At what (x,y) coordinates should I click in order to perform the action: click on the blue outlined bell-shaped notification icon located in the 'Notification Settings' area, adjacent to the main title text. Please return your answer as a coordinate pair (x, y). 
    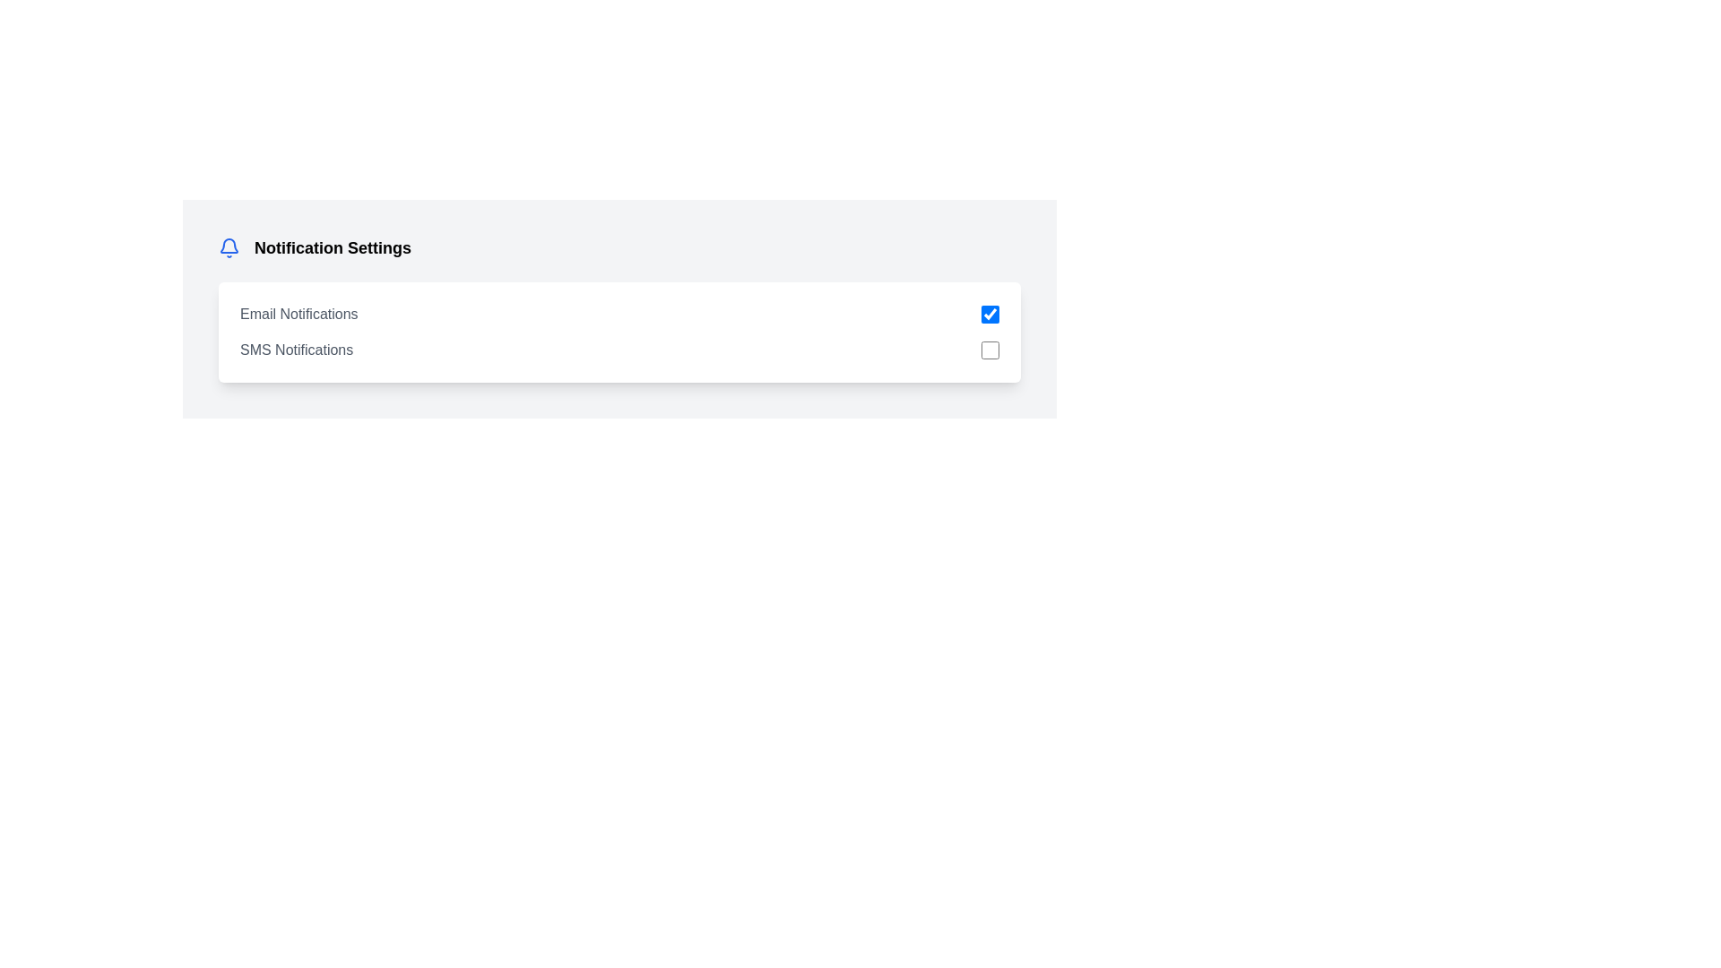
    Looking at the image, I should click on (228, 246).